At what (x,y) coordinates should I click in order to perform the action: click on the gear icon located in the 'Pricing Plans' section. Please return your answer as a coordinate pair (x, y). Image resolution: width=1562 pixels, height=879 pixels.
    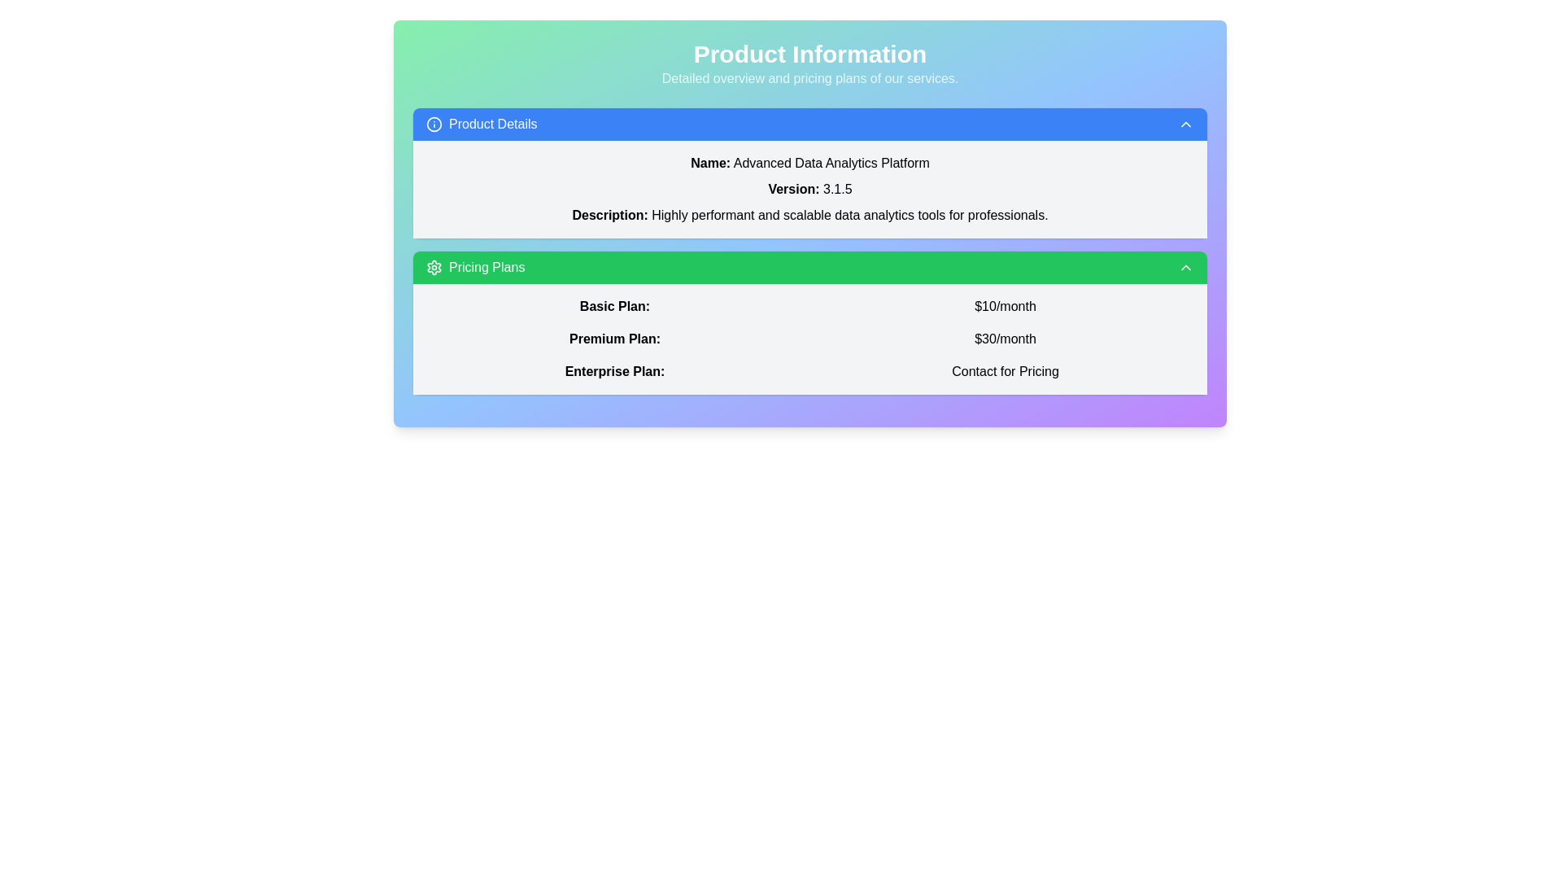
    Looking at the image, I should click on (434, 266).